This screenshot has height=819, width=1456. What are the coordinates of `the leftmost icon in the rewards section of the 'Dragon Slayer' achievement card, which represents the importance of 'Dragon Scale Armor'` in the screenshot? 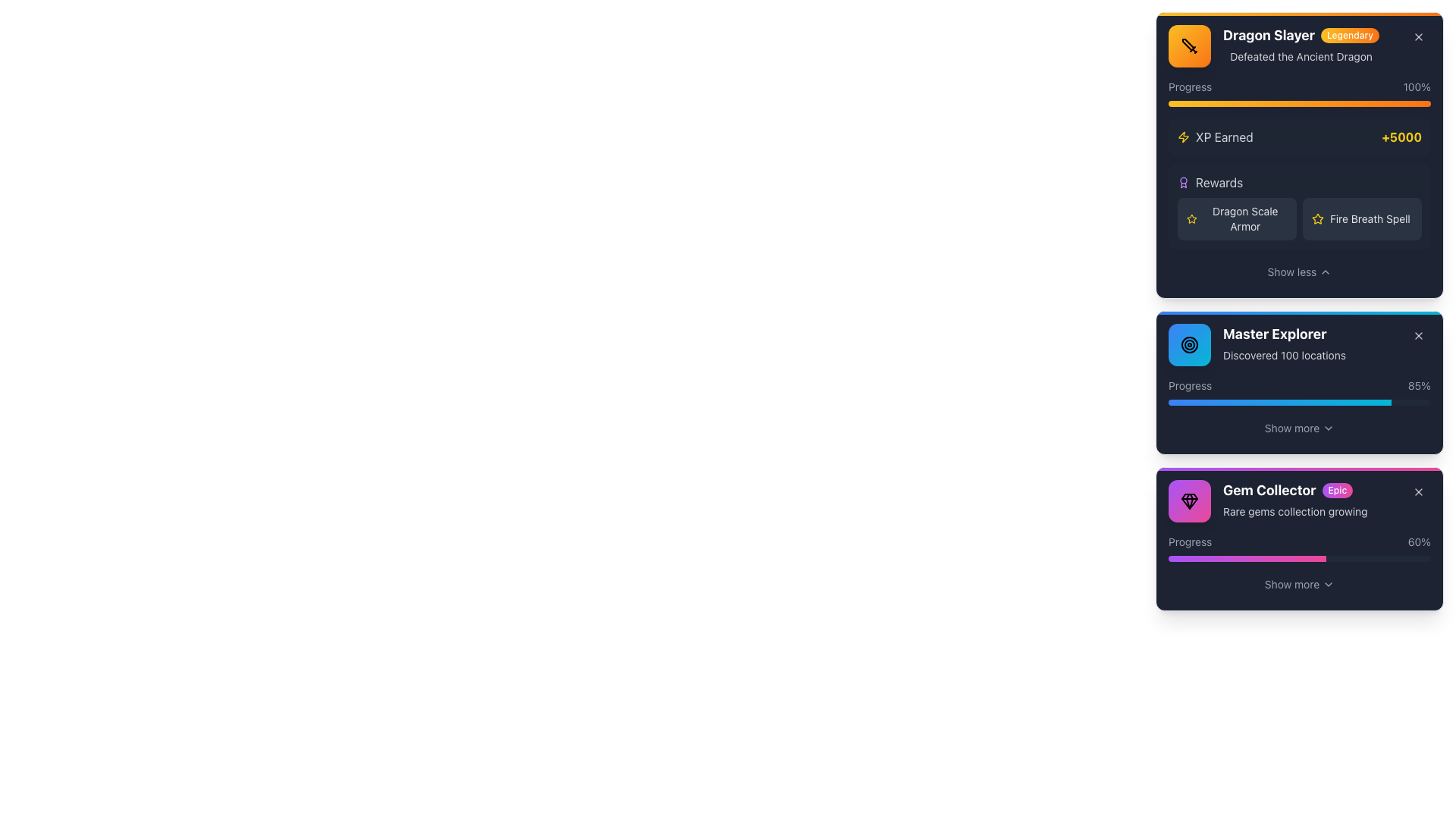 It's located at (1191, 219).